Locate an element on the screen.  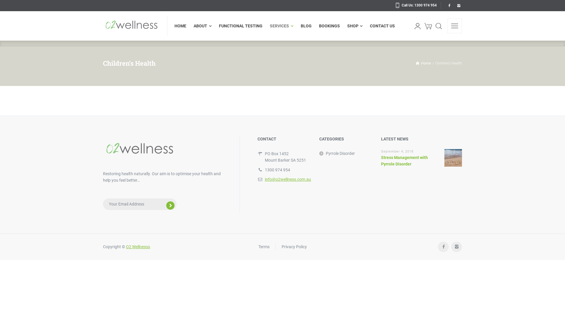
'Home' is located at coordinates (423, 63).